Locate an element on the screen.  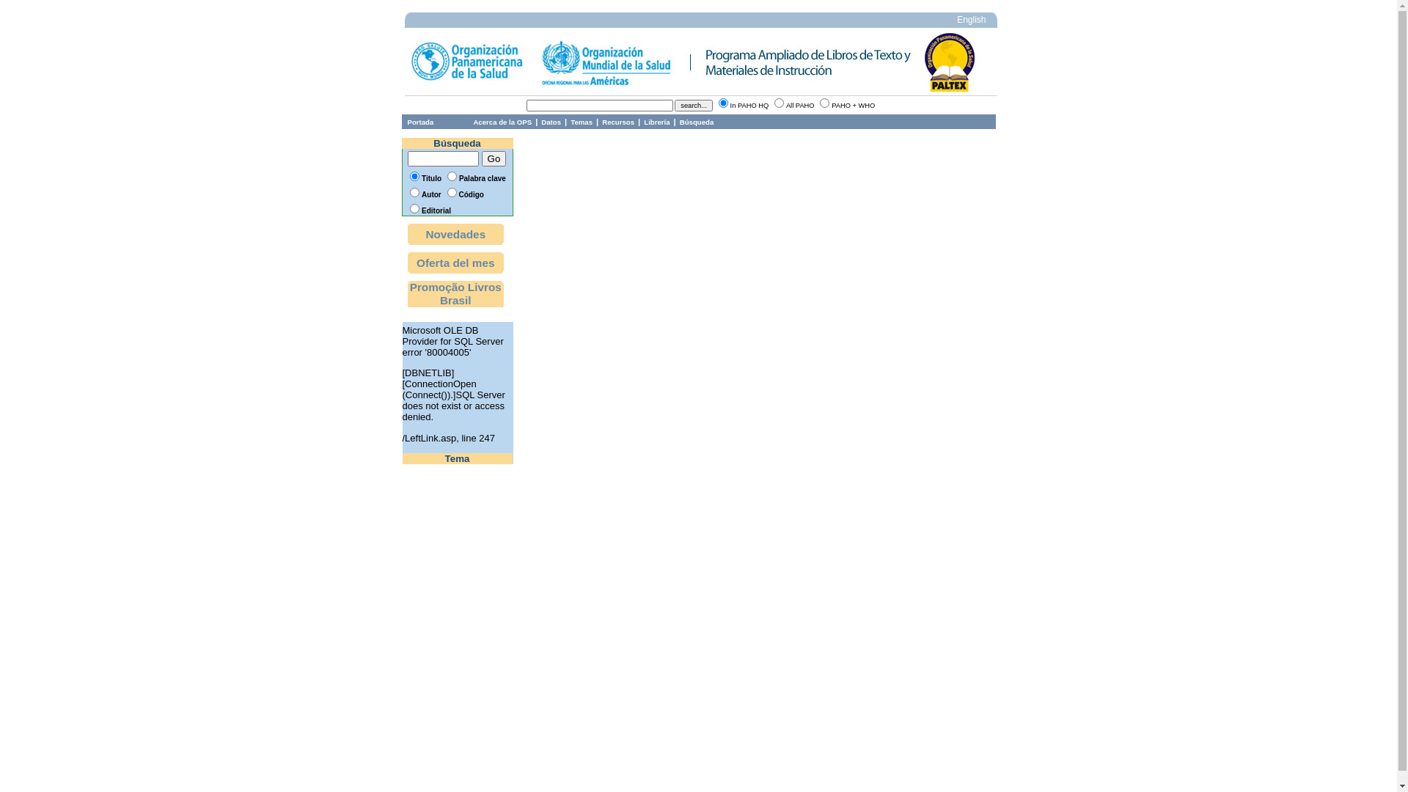
'Temas' is located at coordinates (580, 121).